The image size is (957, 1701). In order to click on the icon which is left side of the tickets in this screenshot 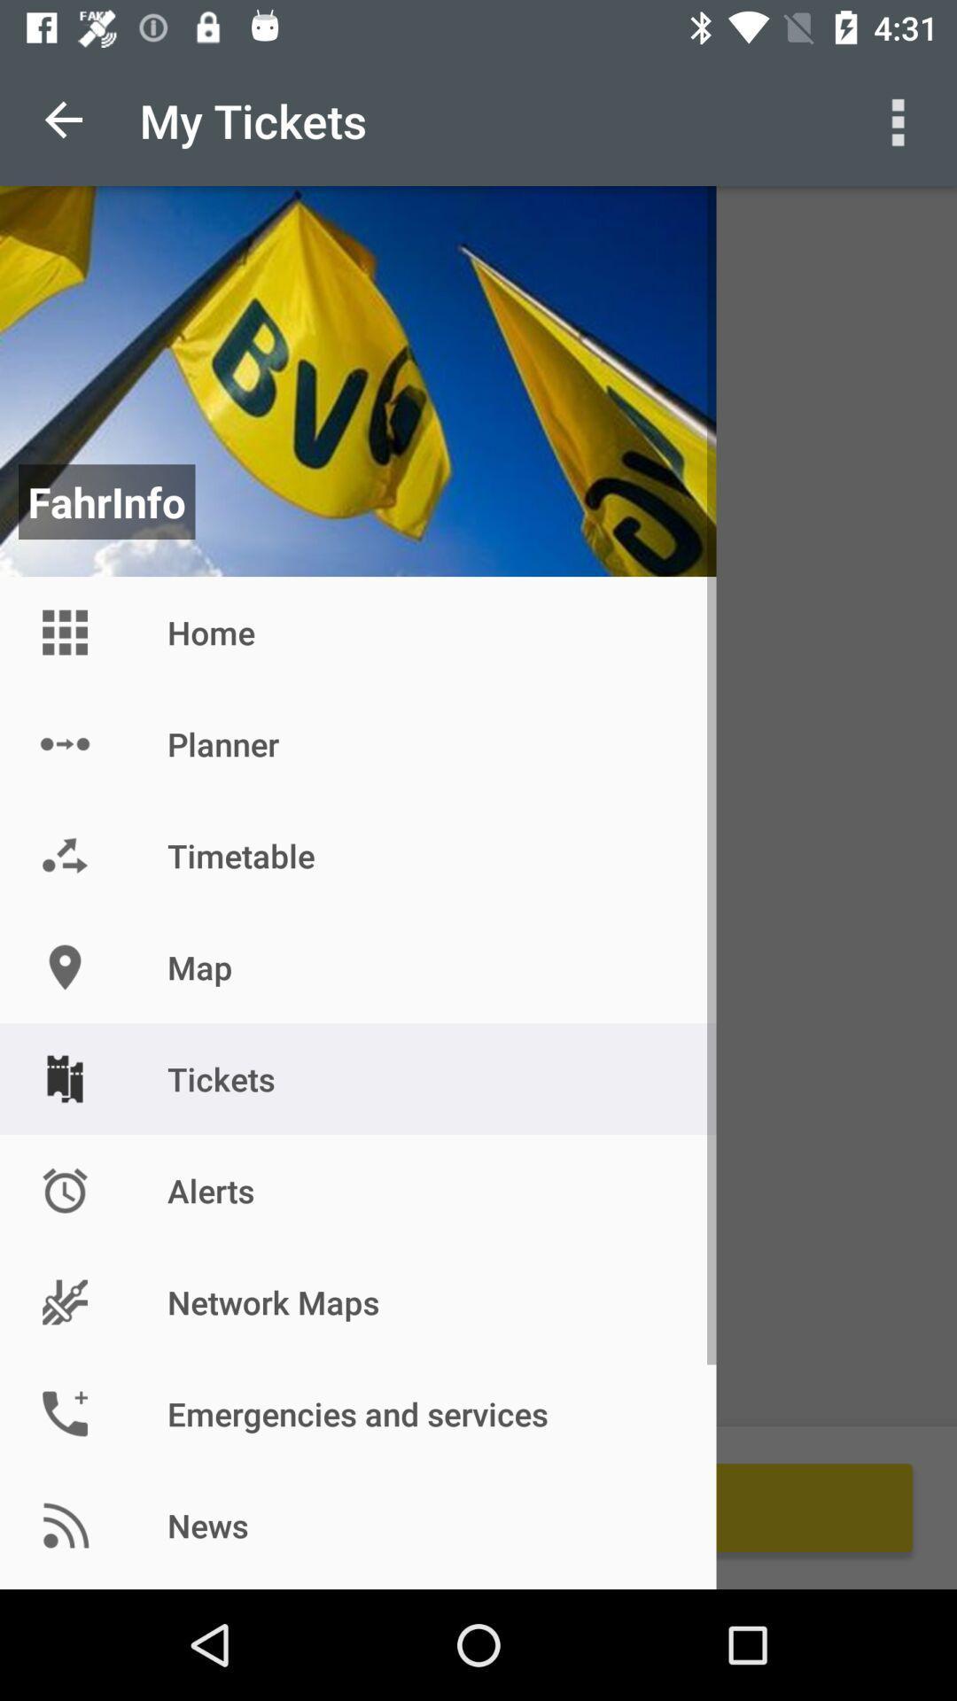, I will do `click(64, 1078)`.